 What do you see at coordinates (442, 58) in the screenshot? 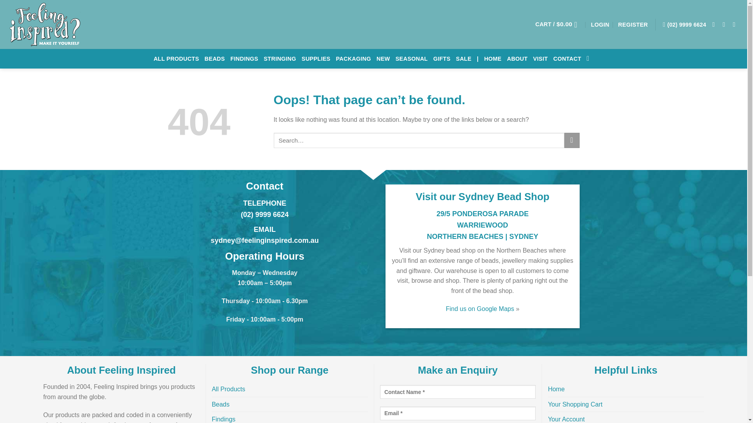
I see `'GIFTS'` at bounding box center [442, 58].